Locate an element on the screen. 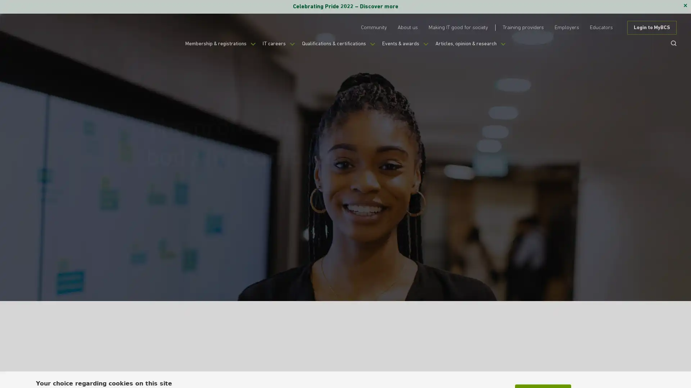  IT careers is located at coordinates (272, 47).